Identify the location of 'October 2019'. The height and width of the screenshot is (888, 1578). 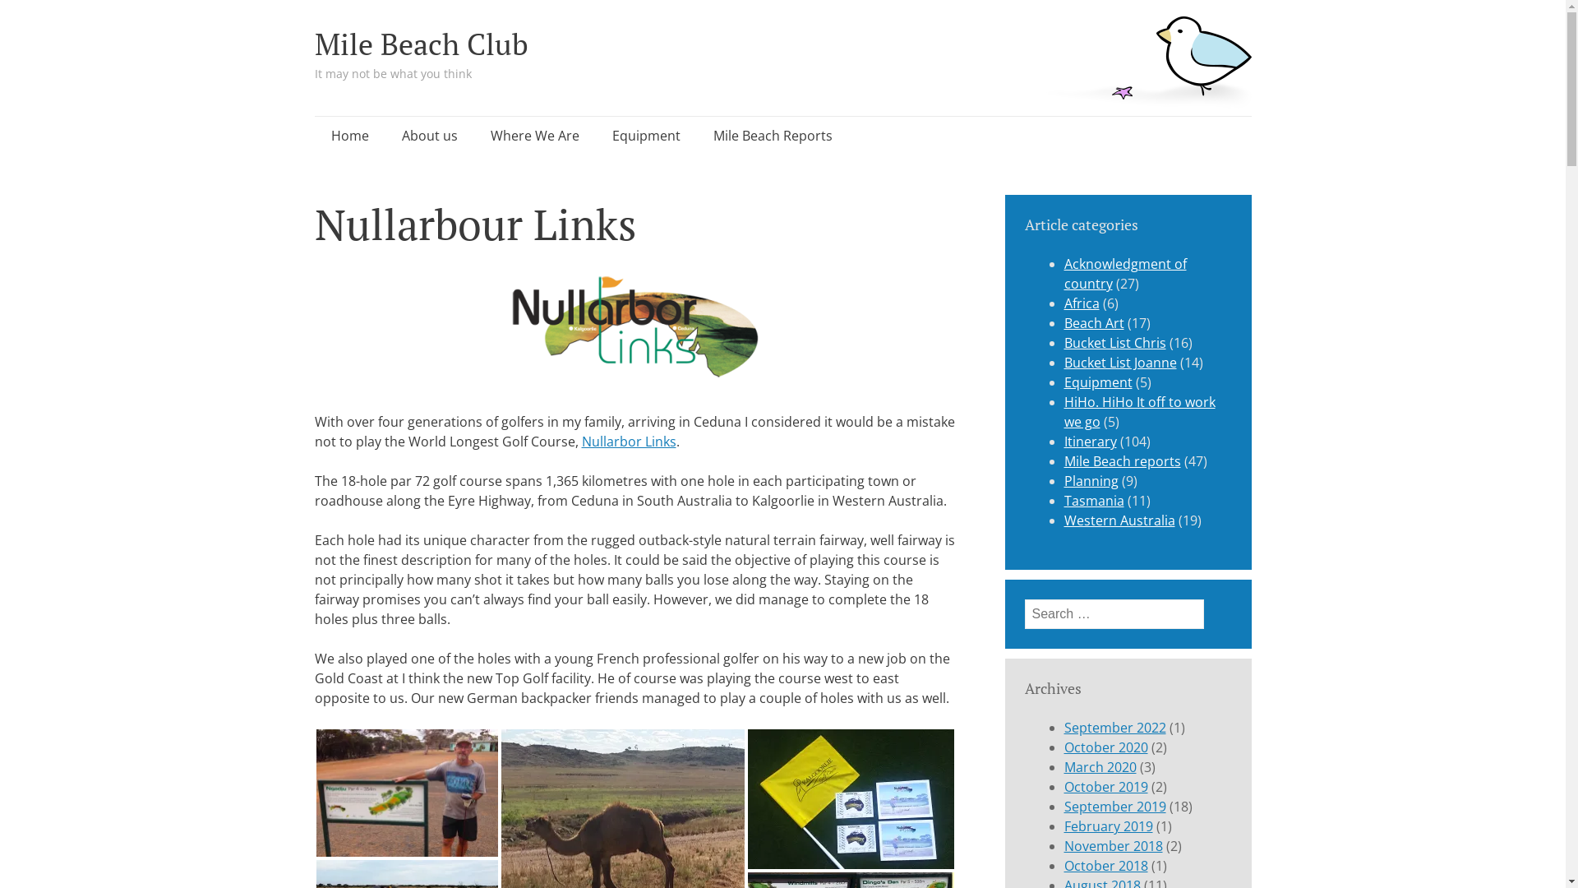
(1105, 785).